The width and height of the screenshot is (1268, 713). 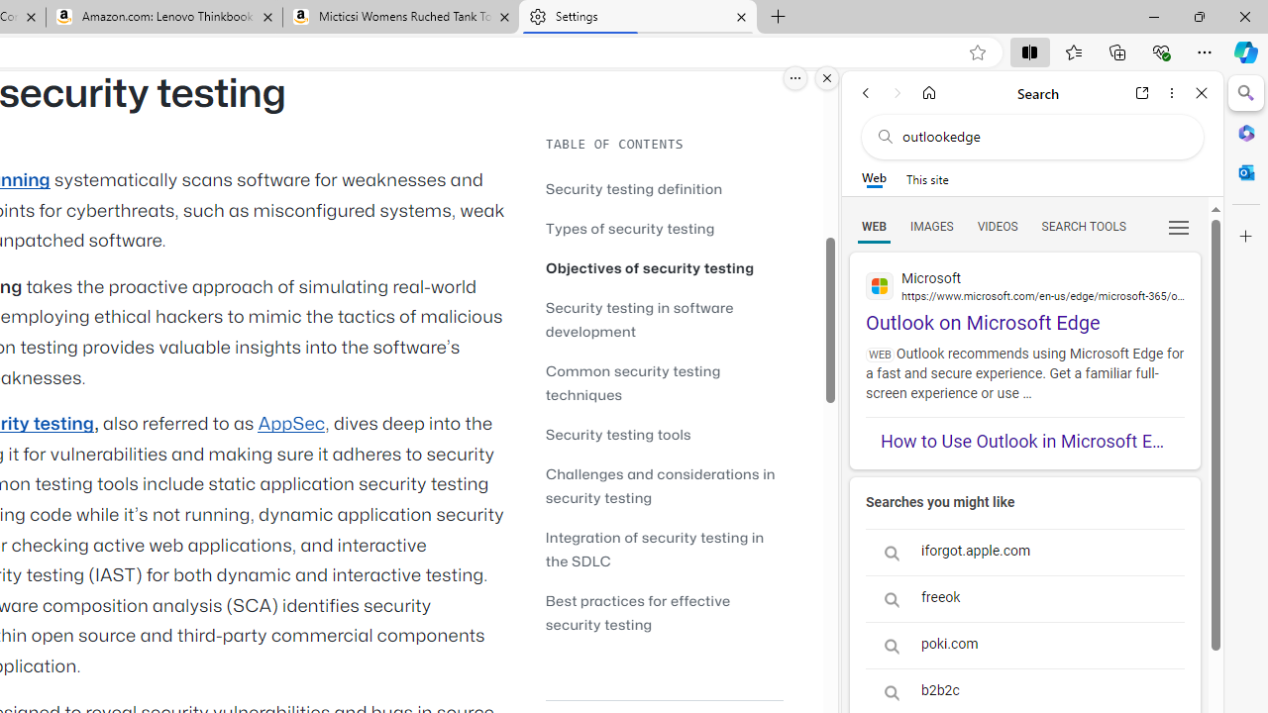 I want to click on 'iforgot.apple.com', so click(x=1024, y=552).